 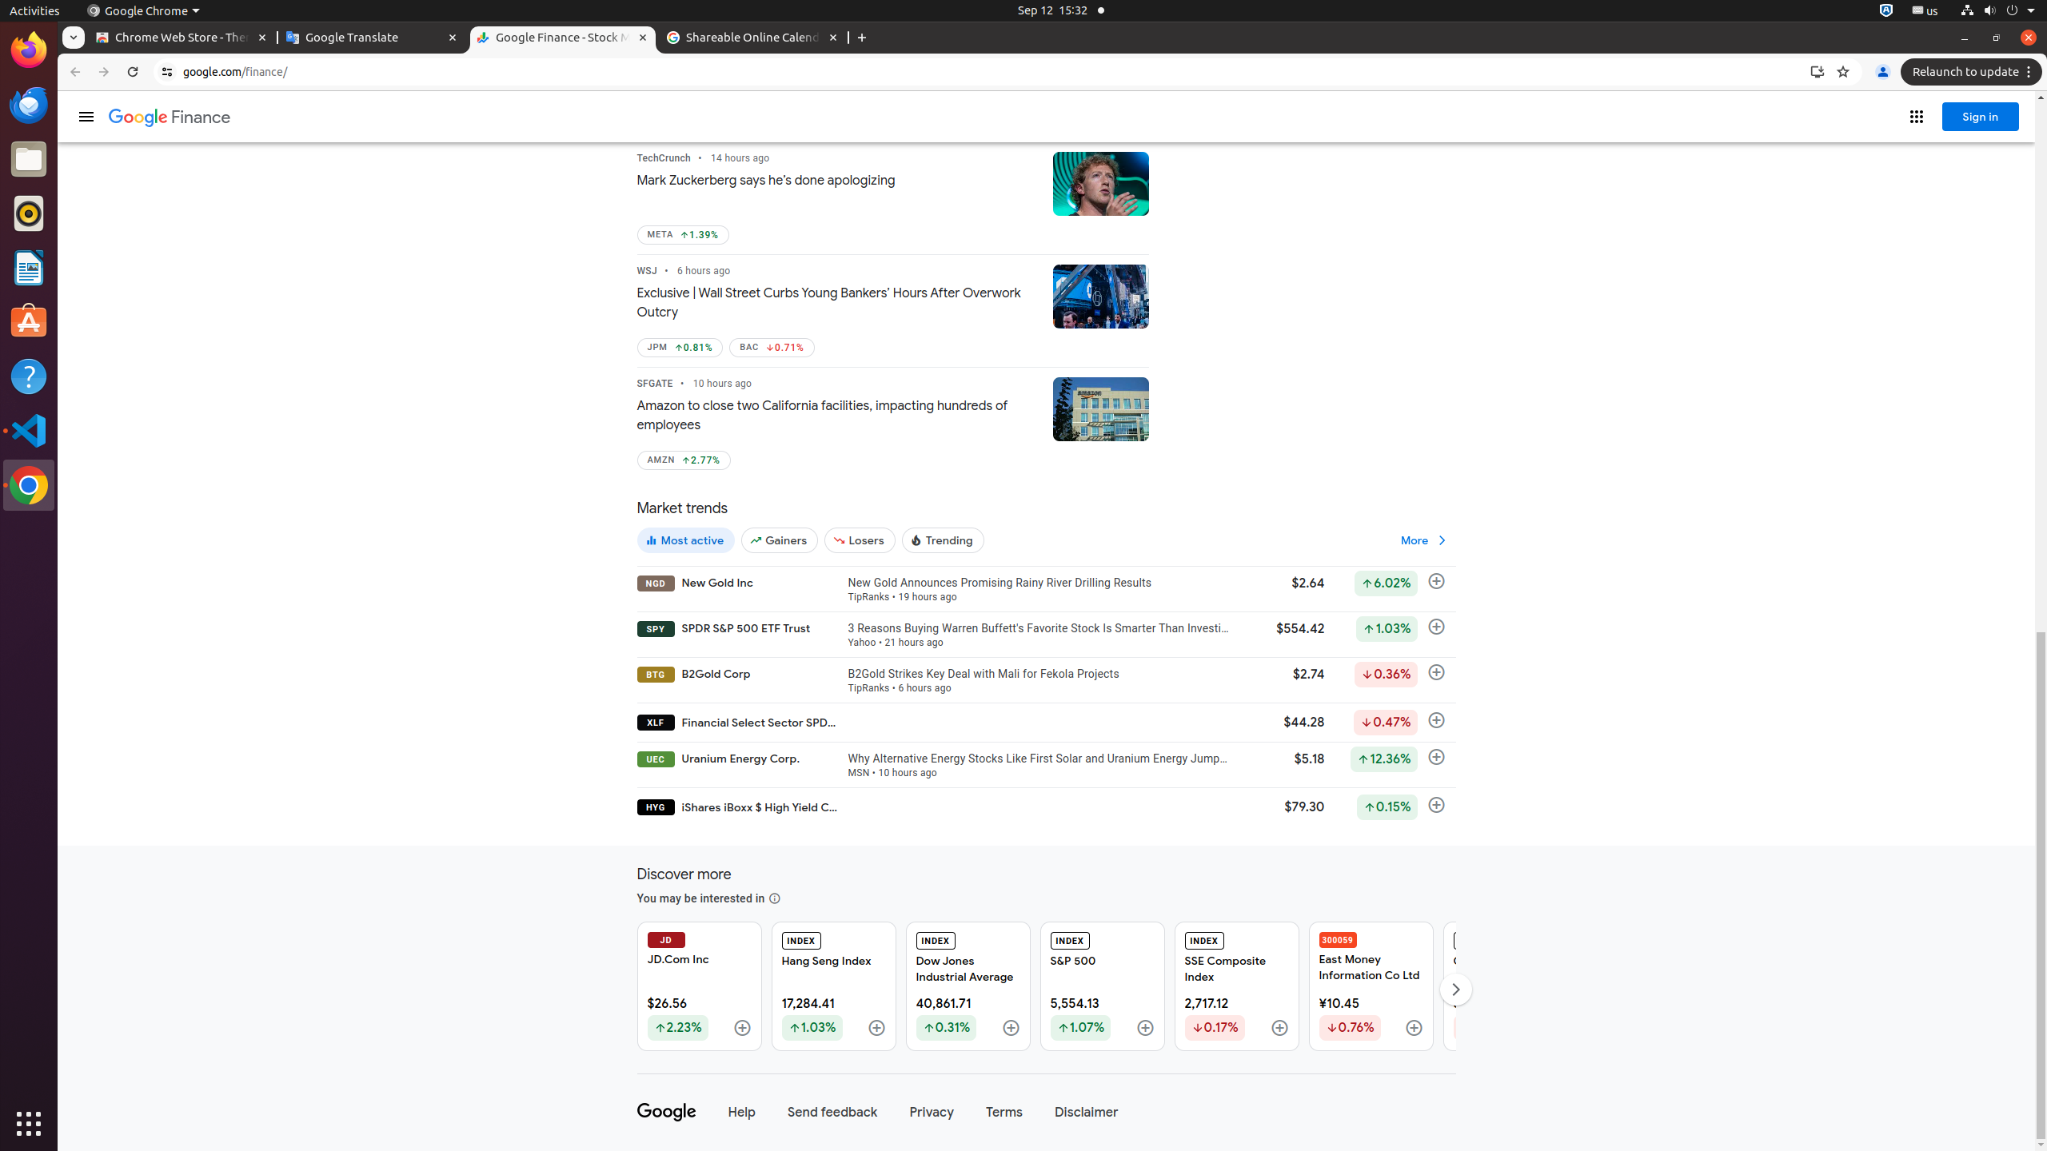 What do you see at coordinates (1997, 10) in the screenshot?
I see `'System'` at bounding box center [1997, 10].